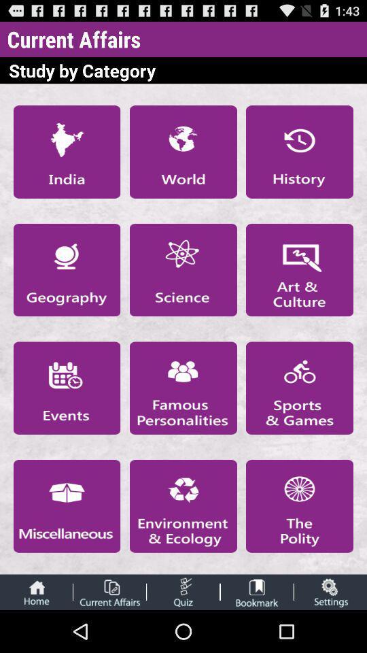  Describe the element at coordinates (257, 633) in the screenshot. I see `the avatar icon` at that location.